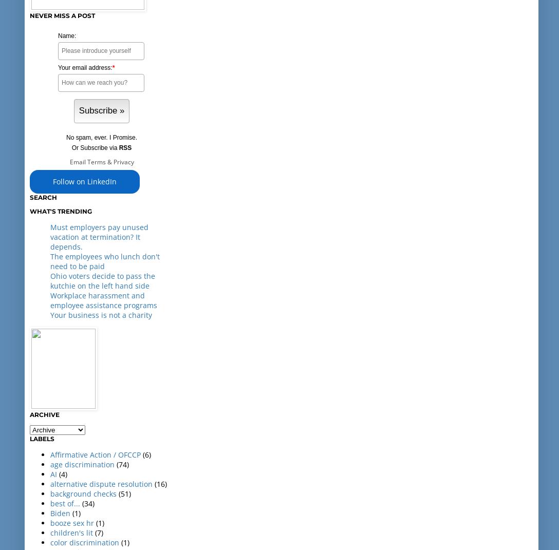  Describe the element at coordinates (108, 161) in the screenshot. I see `'&'` at that location.